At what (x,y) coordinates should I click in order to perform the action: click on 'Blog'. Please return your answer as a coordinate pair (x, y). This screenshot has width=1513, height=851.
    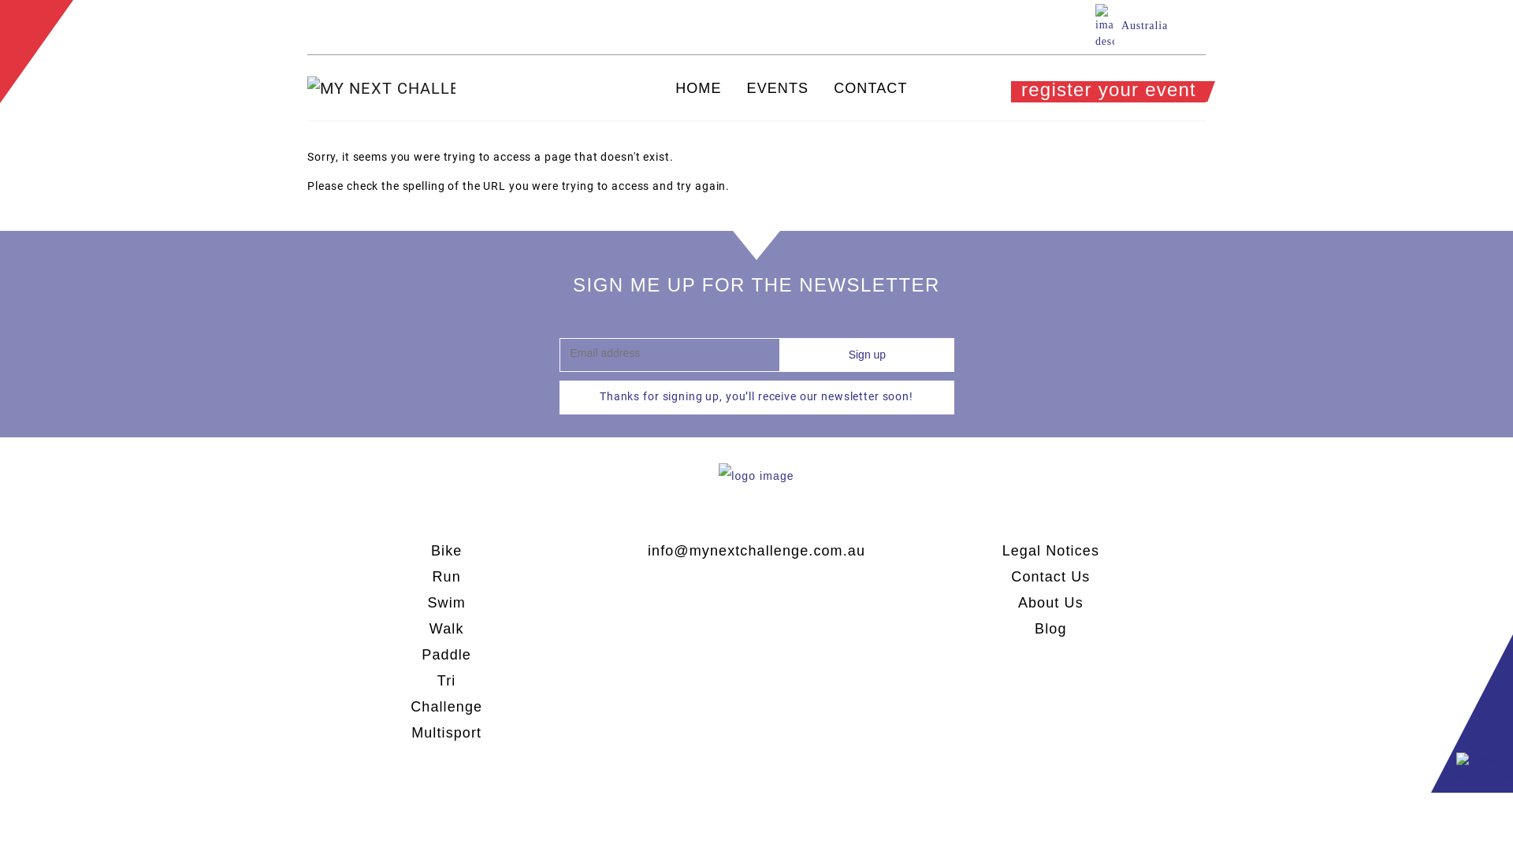
    Looking at the image, I should click on (1050, 628).